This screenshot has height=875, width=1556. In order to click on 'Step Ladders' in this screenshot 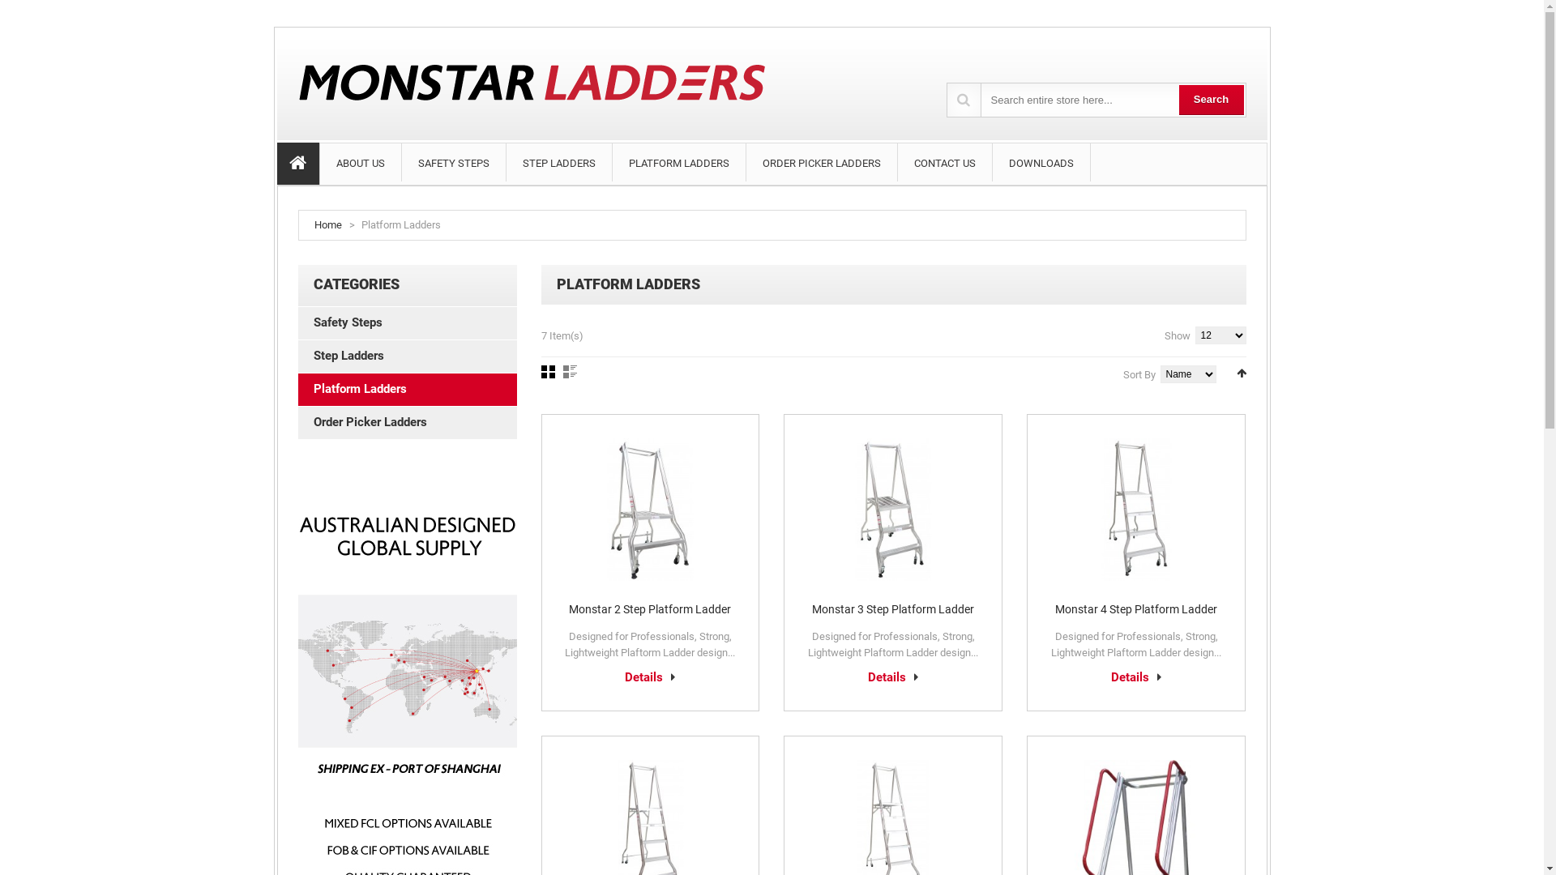, I will do `click(408, 355)`.